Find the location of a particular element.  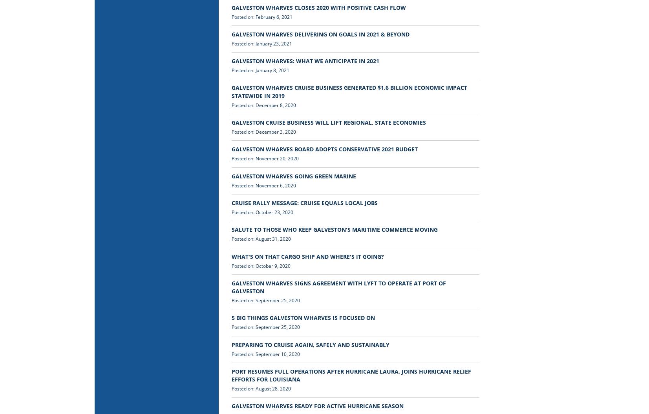

'GALVESTON WHARVES: WHAT WE ANTICIPATE IN 2021' is located at coordinates (305, 61).